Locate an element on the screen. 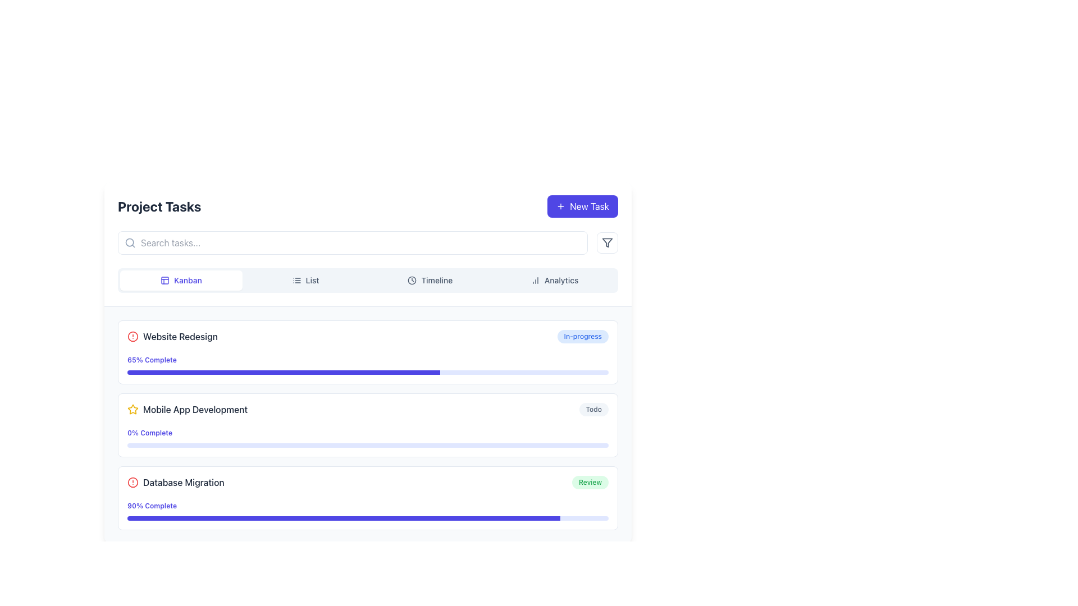 The image size is (1078, 606). the button that switches the task list display to list view, located in the navigation bar between the 'Kanban' and 'Timeline' buttons is located at coordinates (305, 280).